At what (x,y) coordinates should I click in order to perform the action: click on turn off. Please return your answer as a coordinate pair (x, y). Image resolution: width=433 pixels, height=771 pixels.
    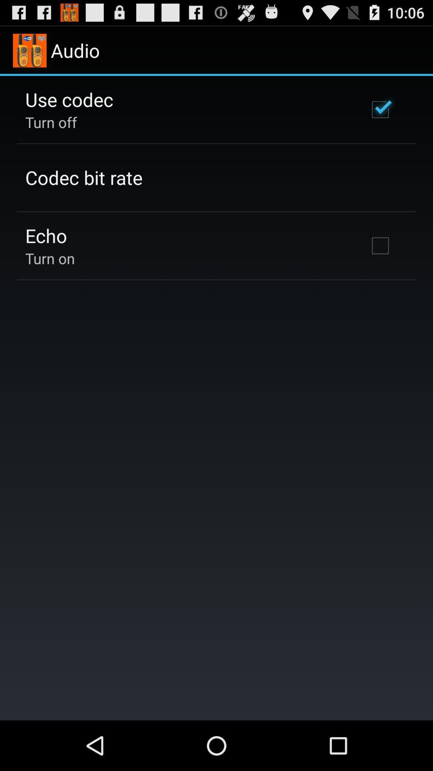
    Looking at the image, I should click on (51, 122).